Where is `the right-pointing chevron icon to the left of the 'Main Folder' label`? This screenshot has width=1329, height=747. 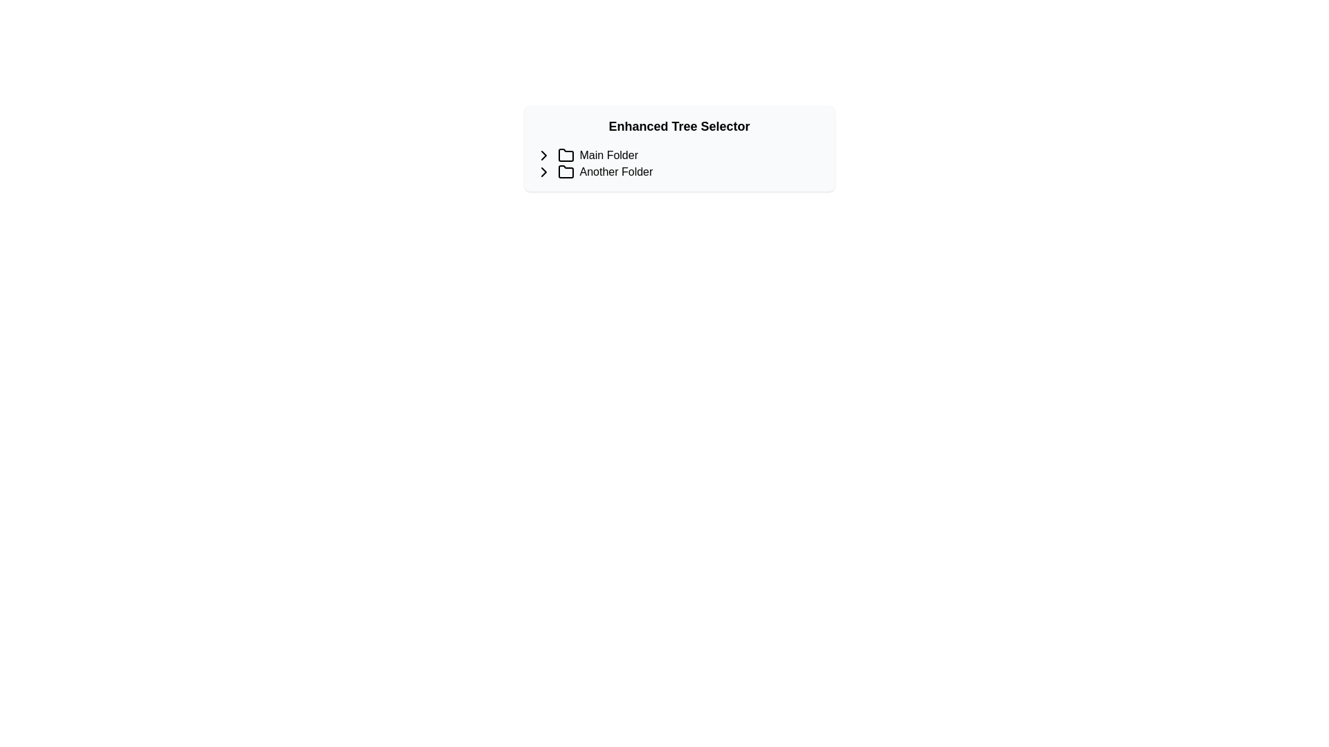 the right-pointing chevron icon to the left of the 'Main Folder' label is located at coordinates (543, 155).